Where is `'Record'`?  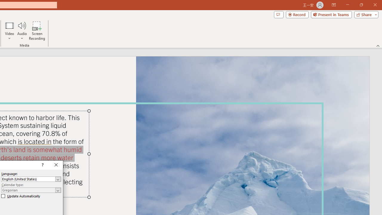 'Record' is located at coordinates (297, 14).